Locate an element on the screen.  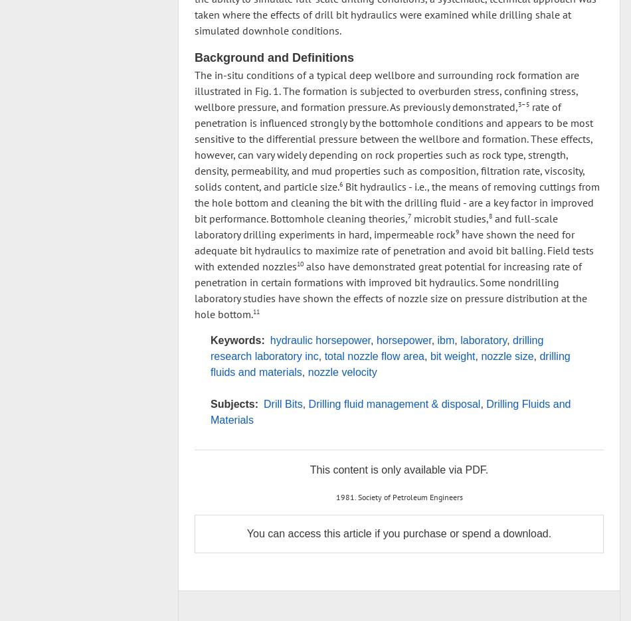
'Bit hydraulics - i.e., the means of removing cuttings from the hole bottom and cleaning the bit with the drilling fluid - are a key factor in improved bit performance. Bottomhole cleaning theories,' is located at coordinates (397, 202).